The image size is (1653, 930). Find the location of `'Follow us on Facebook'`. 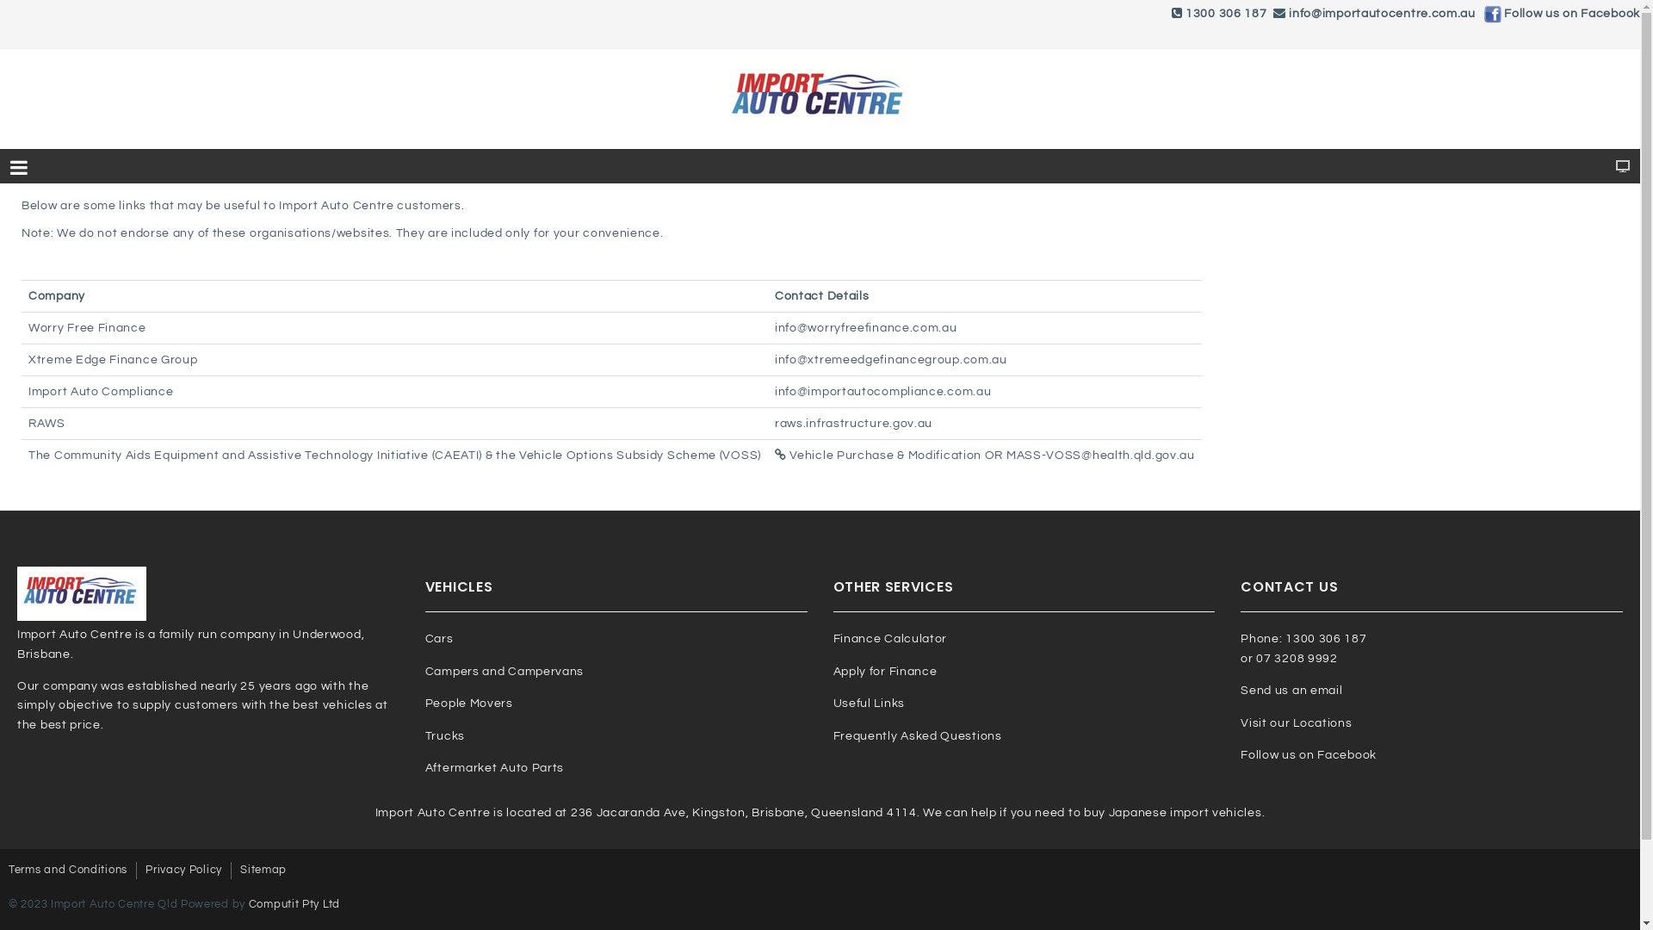

'Follow us on Facebook' is located at coordinates (1571, 13).